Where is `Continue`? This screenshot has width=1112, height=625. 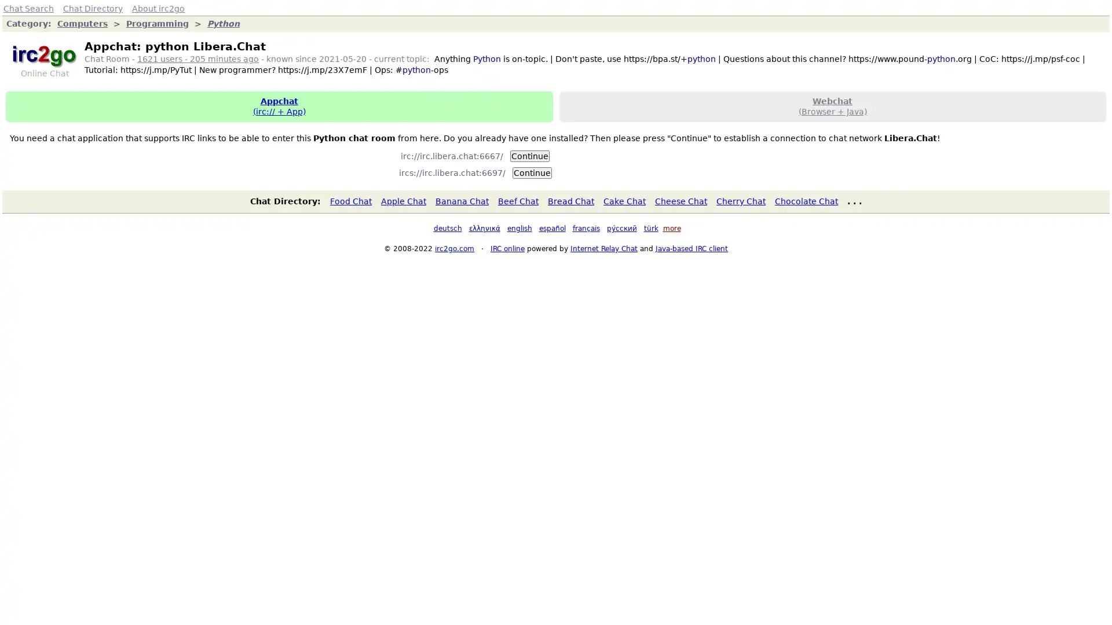 Continue is located at coordinates (531, 172).